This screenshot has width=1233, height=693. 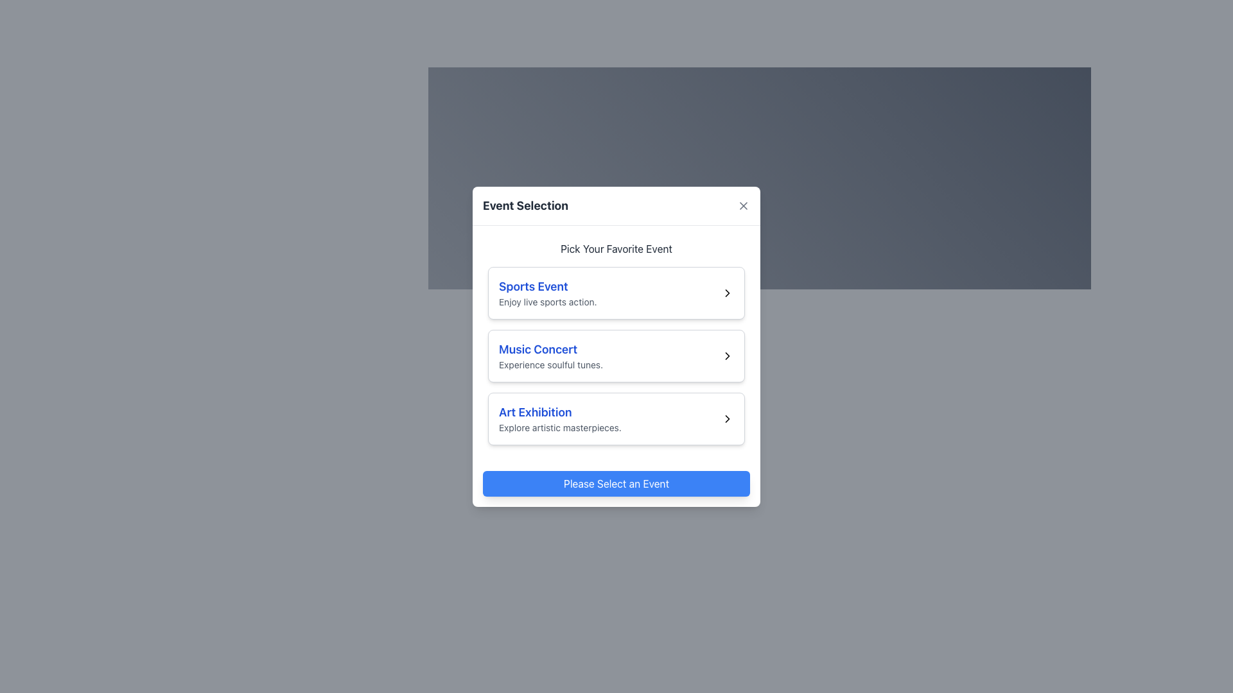 What do you see at coordinates (727, 418) in the screenshot?
I see `the right-facing chevron icon within the 'Art Exhibition' list item` at bounding box center [727, 418].